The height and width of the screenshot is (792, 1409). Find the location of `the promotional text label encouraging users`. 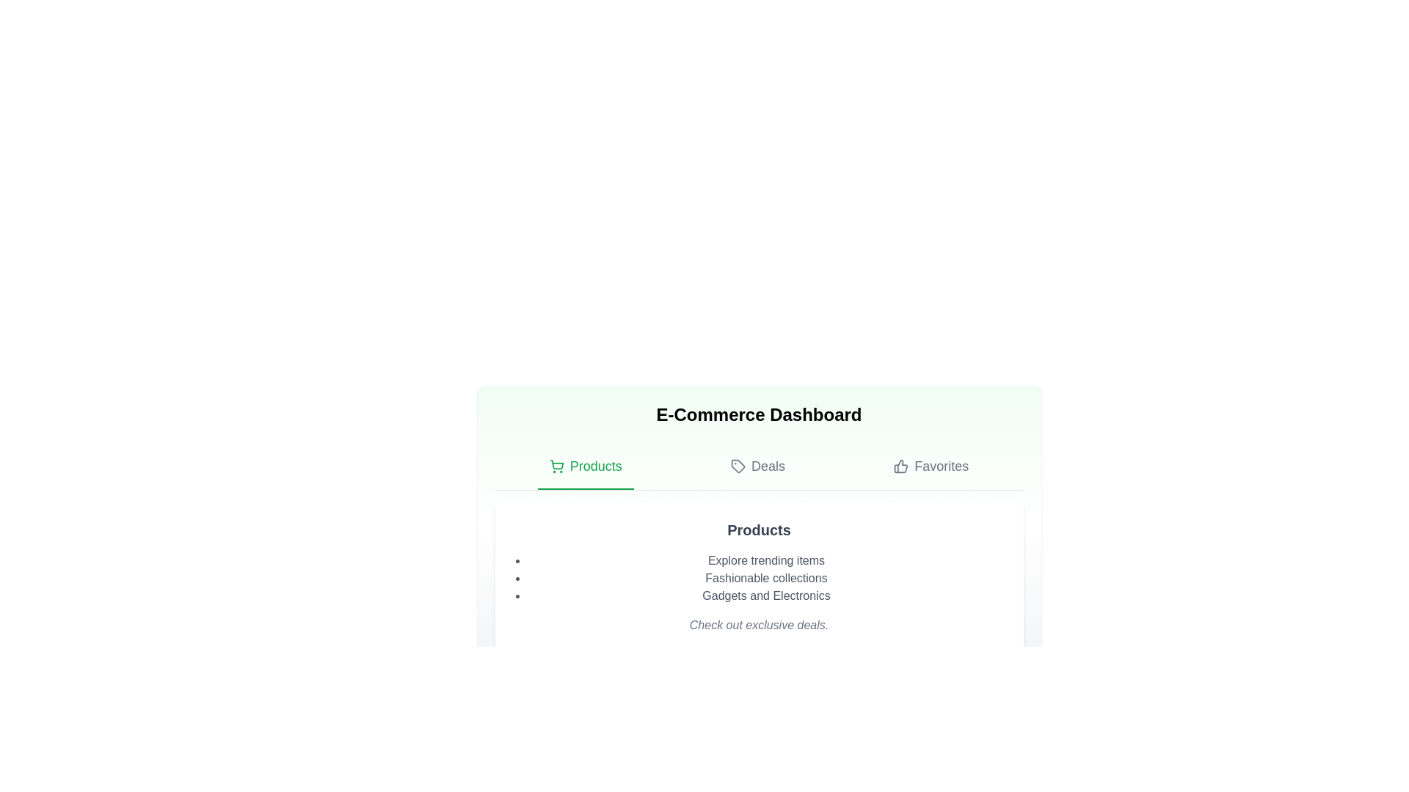

the promotional text label encouraging users is located at coordinates (759, 625).